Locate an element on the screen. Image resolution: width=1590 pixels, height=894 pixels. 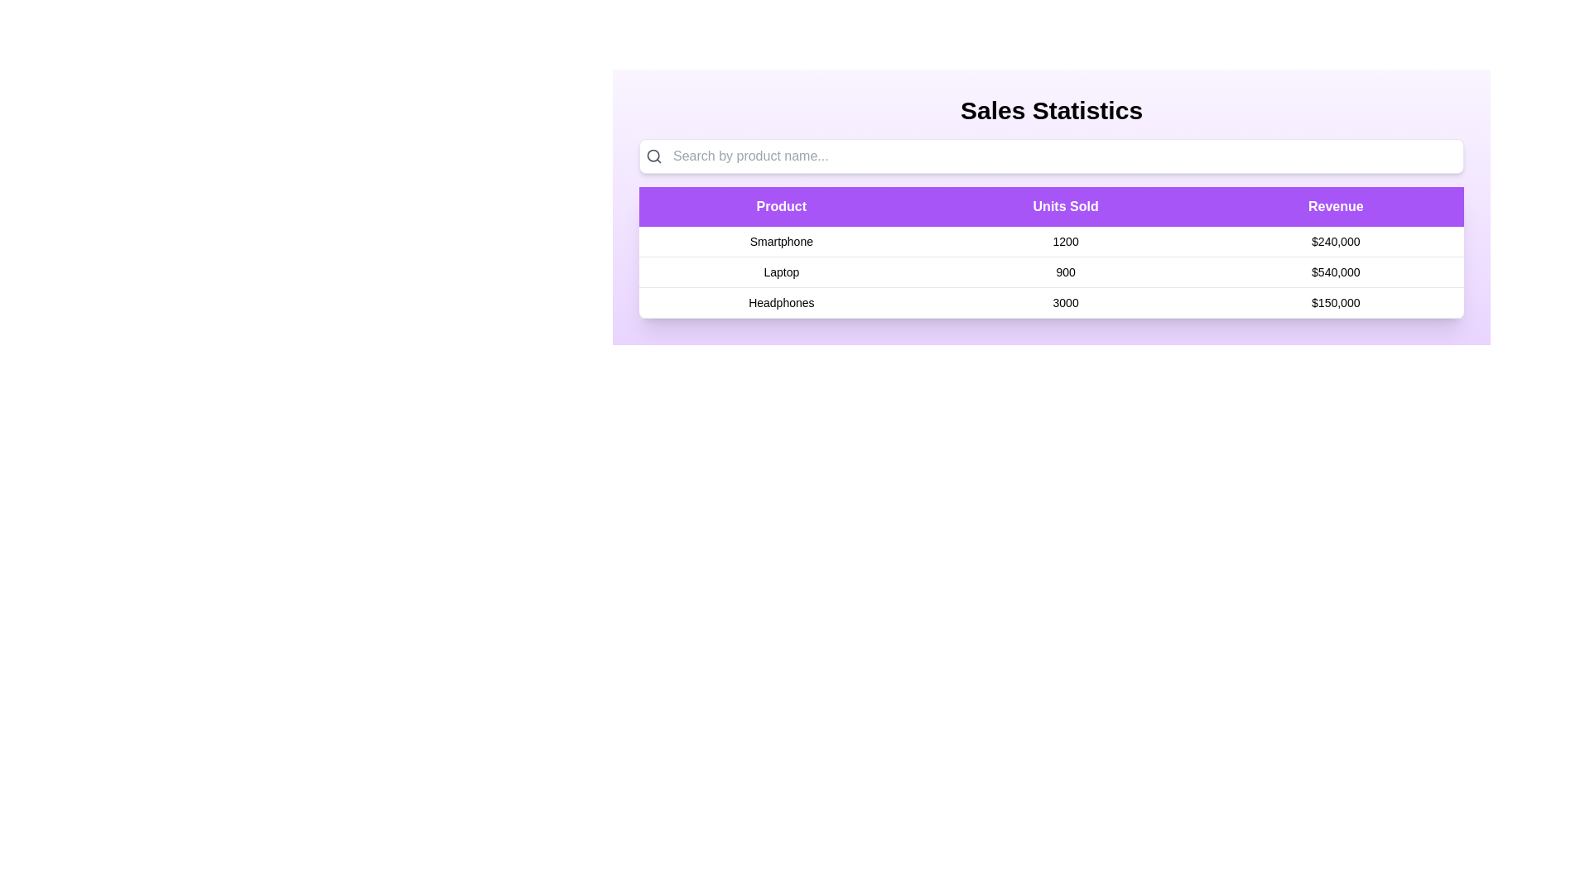
the header Units Sold to examine its content is located at coordinates (1066, 206).